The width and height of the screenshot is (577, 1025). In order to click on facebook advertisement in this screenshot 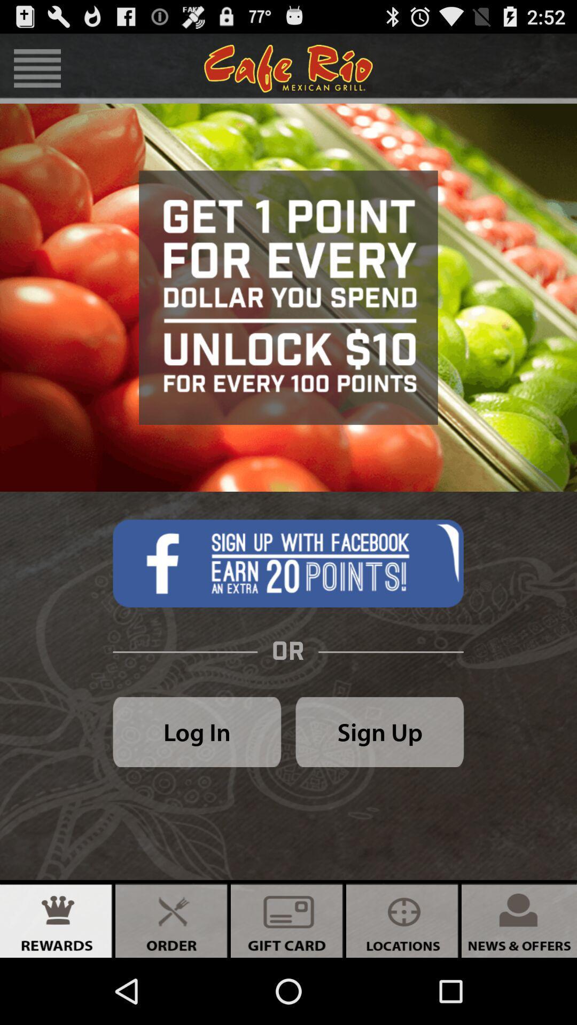, I will do `click(287, 563)`.